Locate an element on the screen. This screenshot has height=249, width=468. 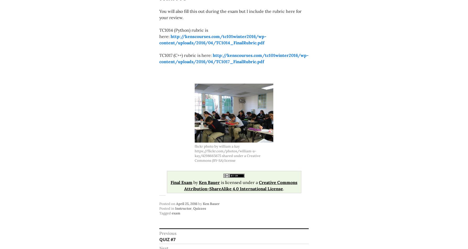
'http://kenscourses.com/tc101winter2016/wp-content/uploads/2016/04/TC1017_FinalRubric.pdf' is located at coordinates (159, 58).